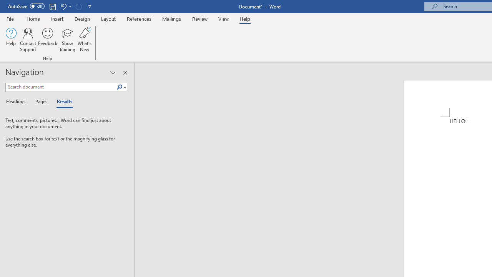  Describe the element at coordinates (108, 18) in the screenshot. I see `'Layout'` at that location.